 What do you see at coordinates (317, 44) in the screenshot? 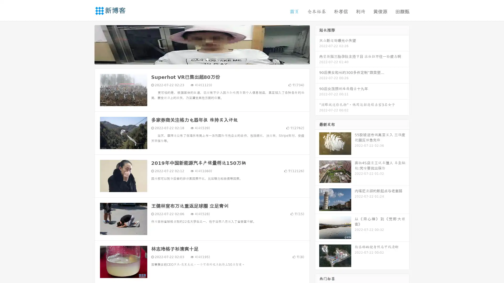
I see `Next slide` at bounding box center [317, 44].